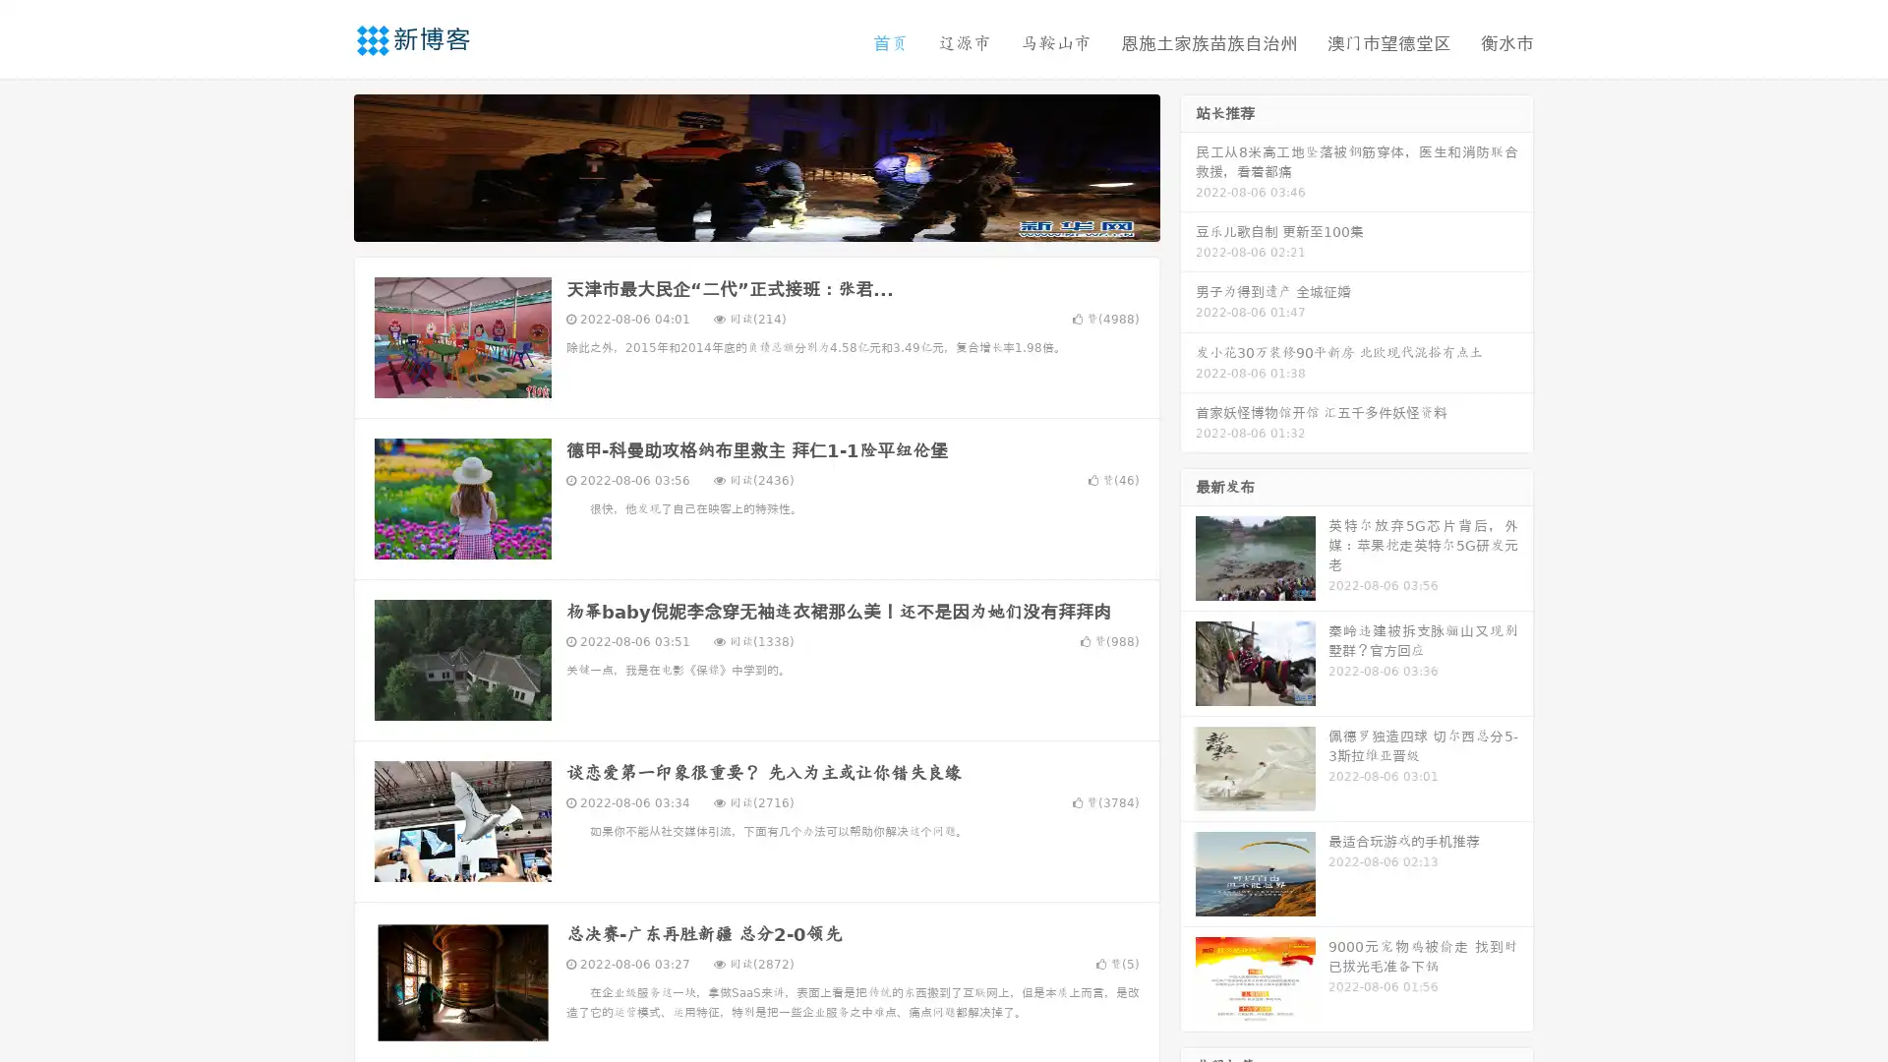  I want to click on Previous slide, so click(324, 165).